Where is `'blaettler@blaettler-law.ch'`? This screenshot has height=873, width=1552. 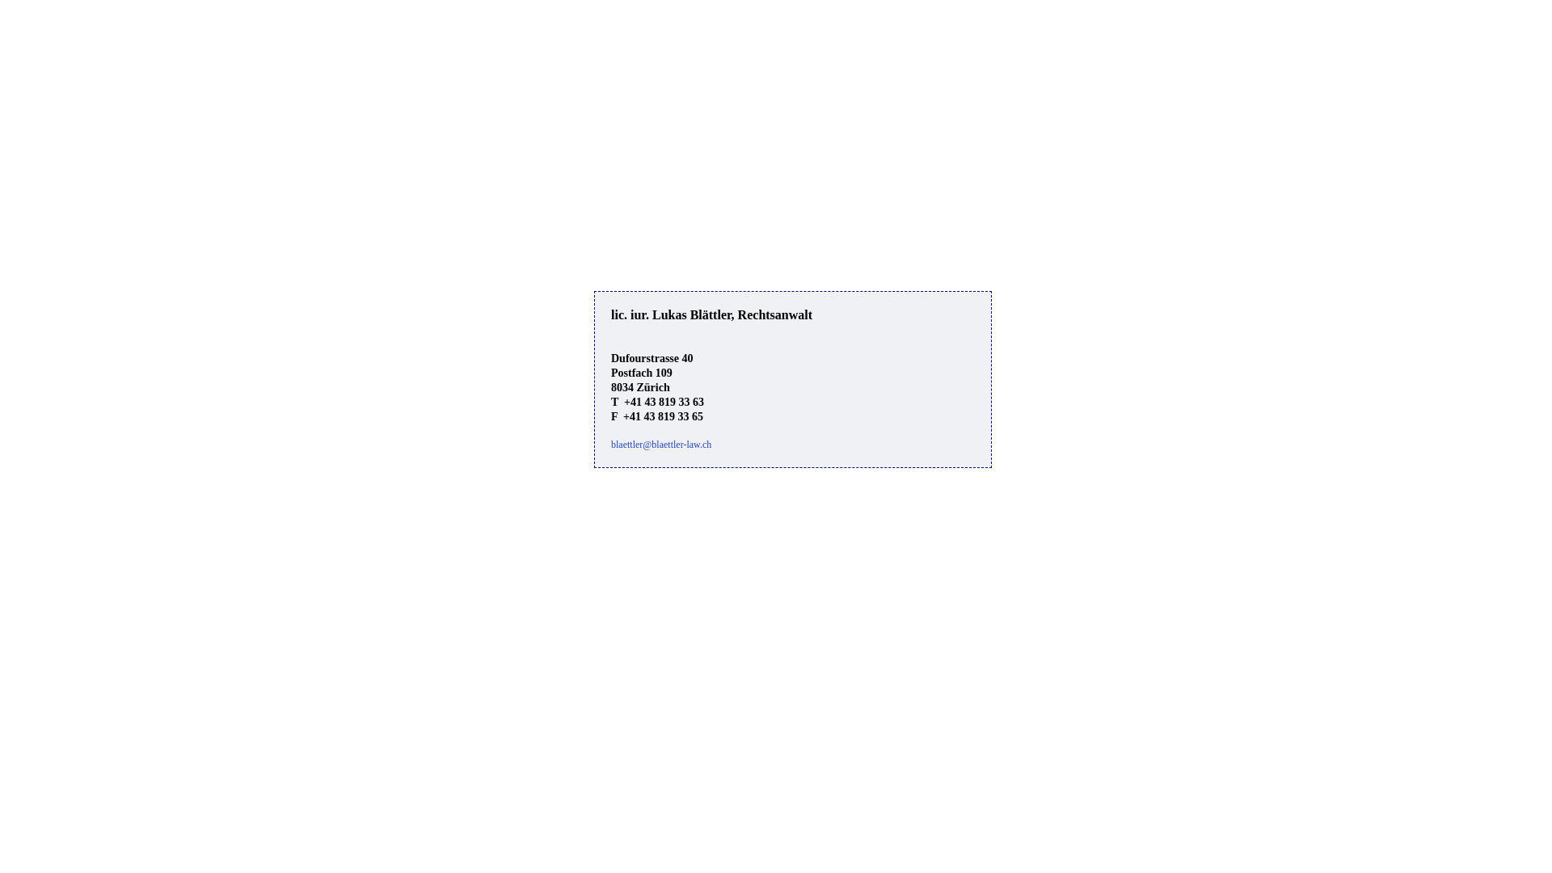
'blaettler@blaettler-law.ch' is located at coordinates (660, 445).